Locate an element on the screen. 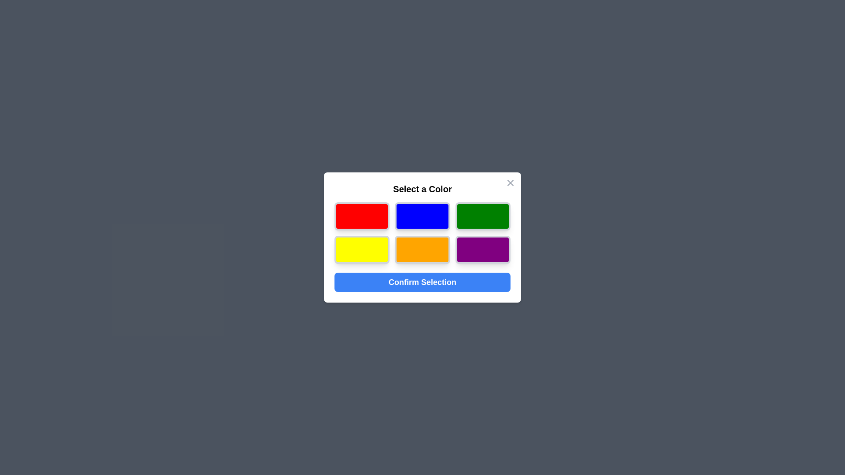 This screenshot has width=845, height=475. the color yellow from the palette is located at coordinates (361, 249).